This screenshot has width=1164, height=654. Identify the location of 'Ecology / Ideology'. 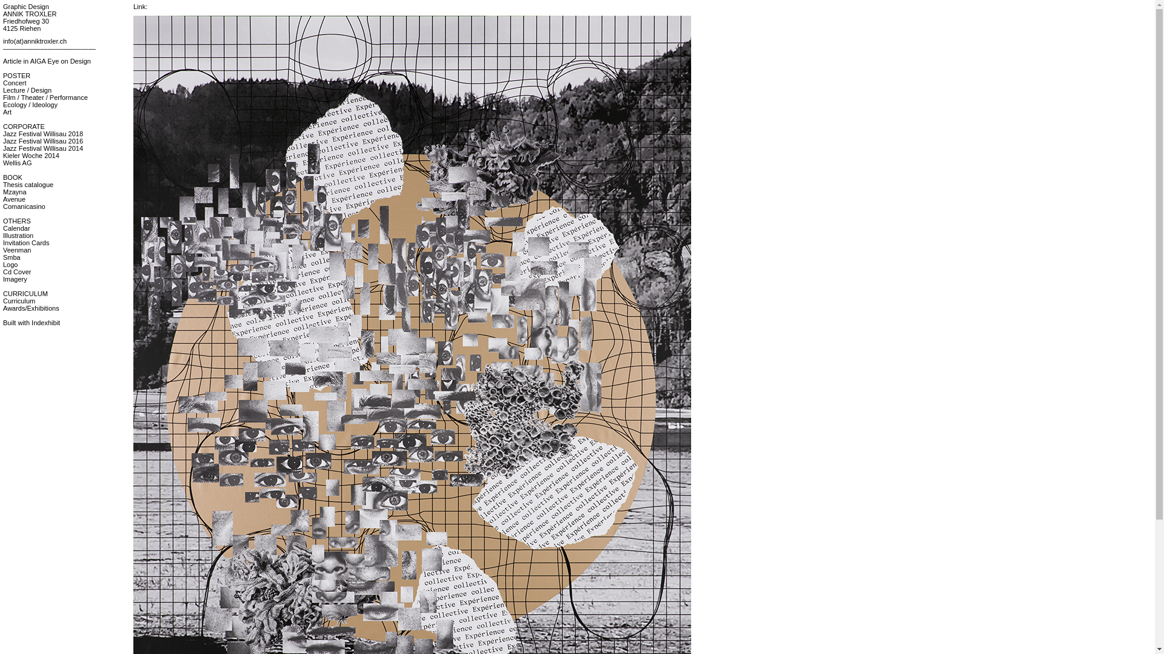
(30, 104).